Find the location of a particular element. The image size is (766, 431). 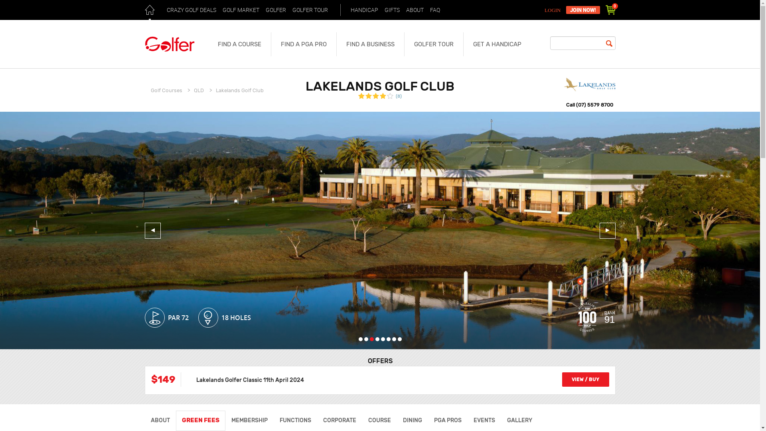

'GOLFER TOUR' is located at coordinates (310, 10).